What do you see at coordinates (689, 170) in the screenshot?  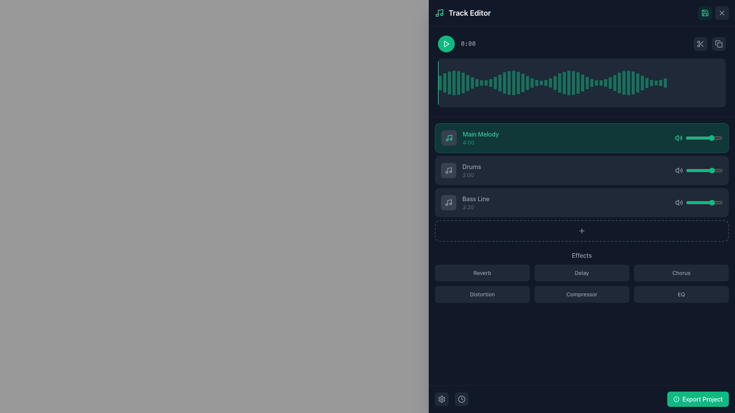 I see `the volume slider` at bounding box center [689, 170].